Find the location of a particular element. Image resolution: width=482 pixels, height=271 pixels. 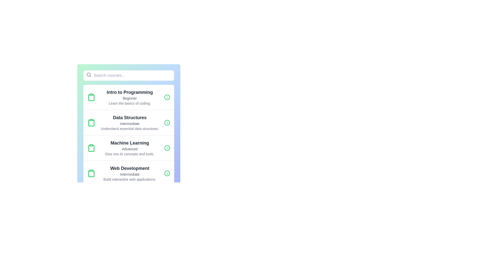

the information icon located on the right side of the 'Machine Learning' course entry, which includes the title 'Machine Learning', the label 'Advanced', and the description 'Dive into AI concepts and tools' is located at coordinates (167, 148).